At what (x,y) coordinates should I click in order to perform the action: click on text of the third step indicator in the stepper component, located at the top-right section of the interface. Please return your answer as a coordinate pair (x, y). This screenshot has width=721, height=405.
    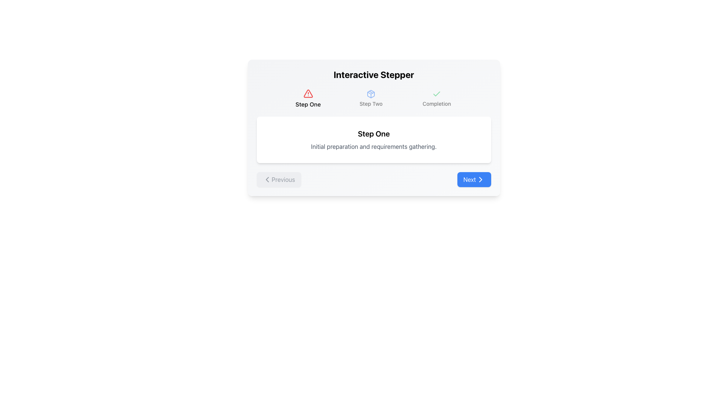
    Looking at the image, I should click on (437, 98).